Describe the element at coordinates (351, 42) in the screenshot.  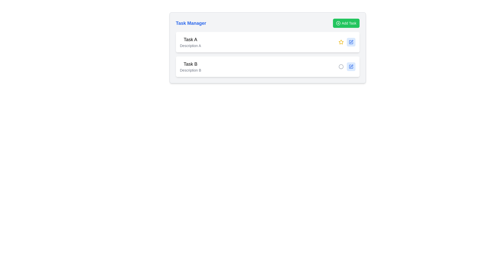
I see `the icon button located in the top-right corner of the list item labeled 'Task A'` at that location.